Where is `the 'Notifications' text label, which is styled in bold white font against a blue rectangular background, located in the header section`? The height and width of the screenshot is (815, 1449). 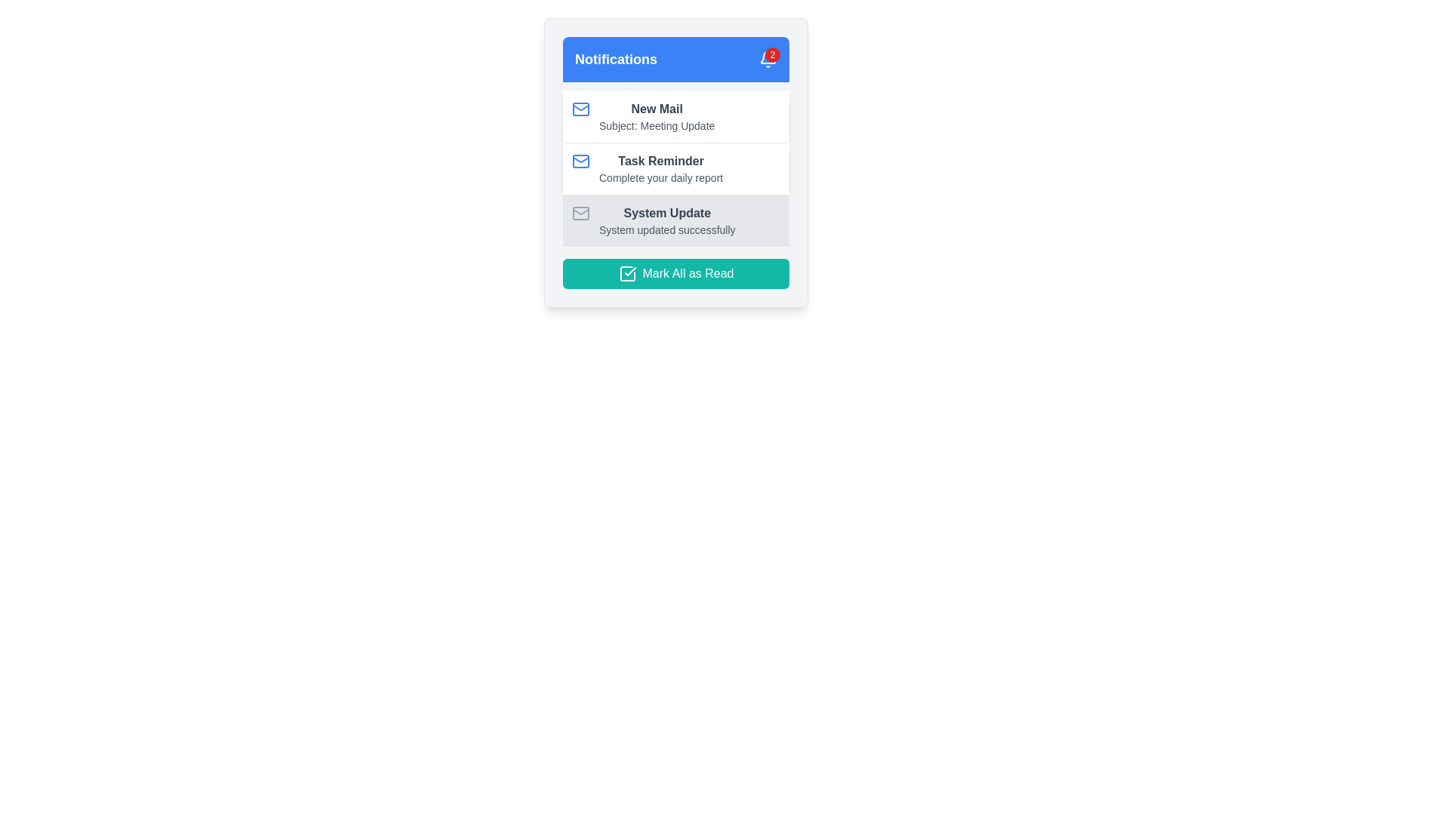
the 'Notifications' text label, which is styled in bold white font against a blue rectangular background, located in the header section is located at coordinates (616, 58).